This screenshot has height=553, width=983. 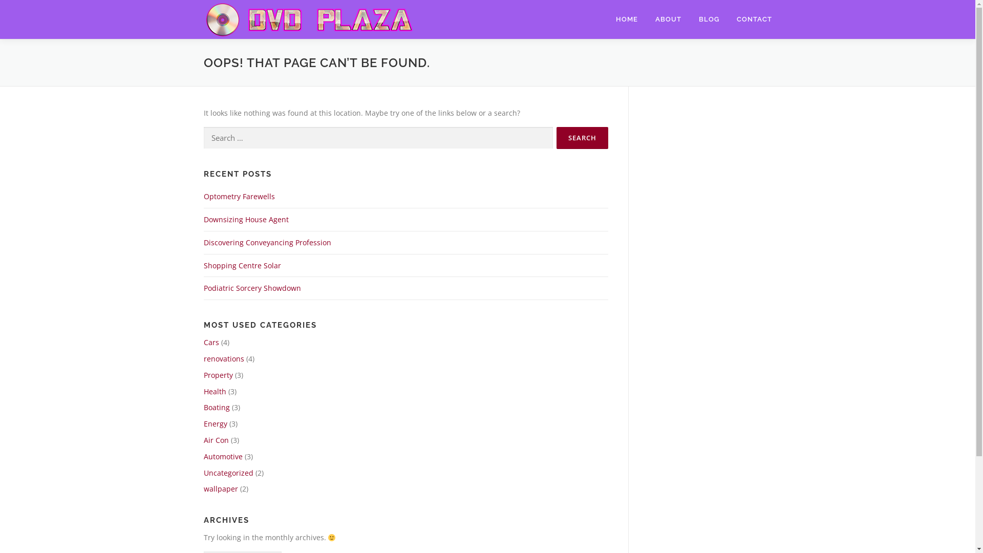 What do you see at coordinates (25, 6) in the screenshot?
I see `'Skip to content'` at bounding box center [25, 6].